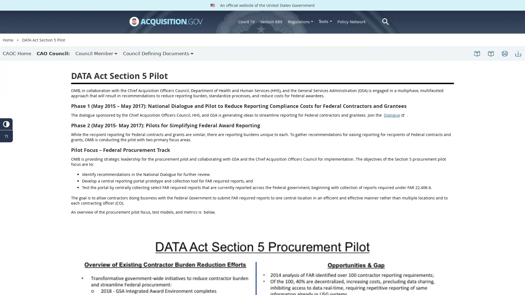 The image size is (525, 295). I want to click on Council Defining Documents cao_menu, so click(158, 54).